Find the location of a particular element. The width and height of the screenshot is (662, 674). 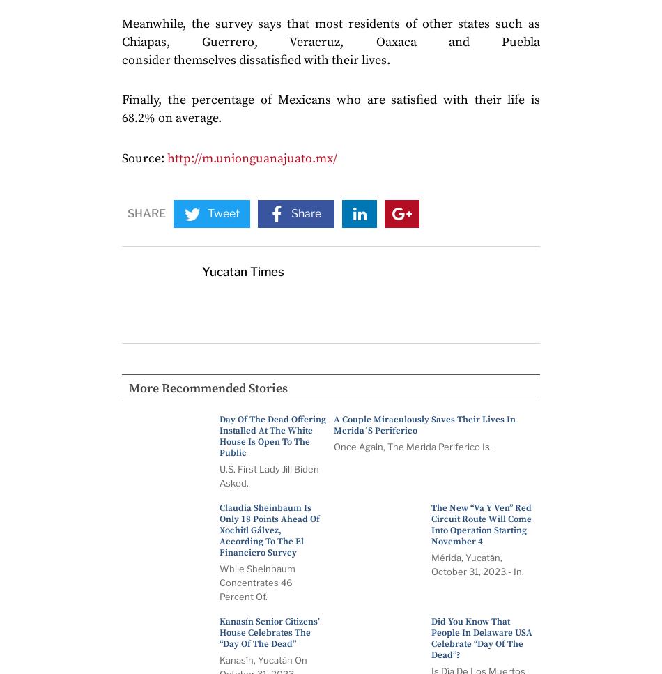

'Once again, the Merida Periferico is.' is located at coordinates (413, 446).